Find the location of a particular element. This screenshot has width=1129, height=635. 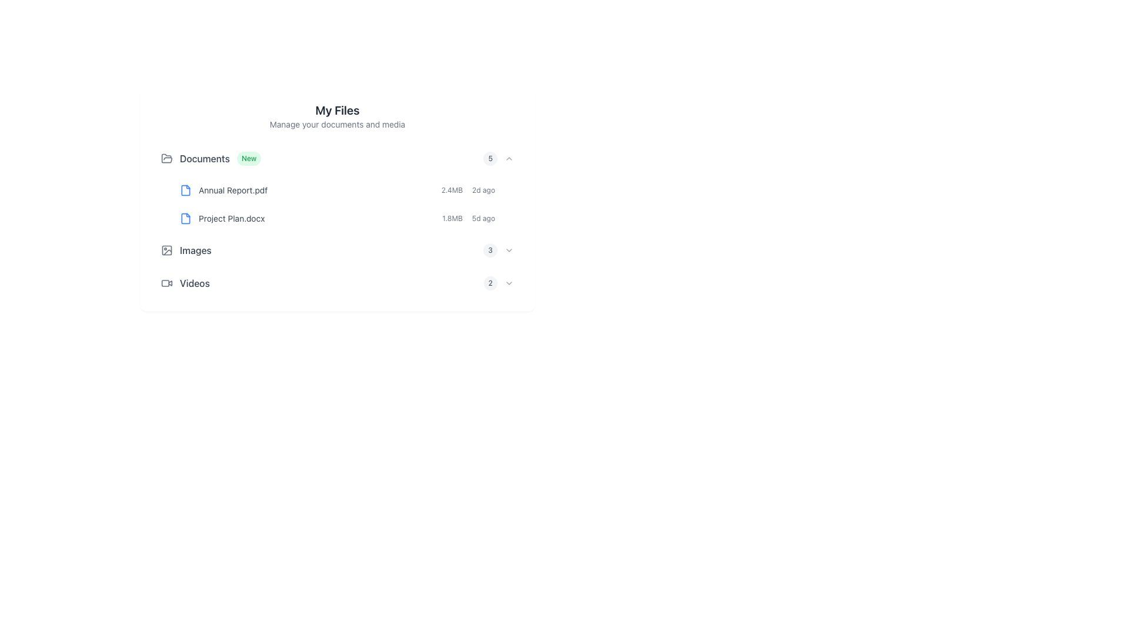

the second file entry in the 'Documents' section of the 'My Files' interface is located at coordinates (346, 218).